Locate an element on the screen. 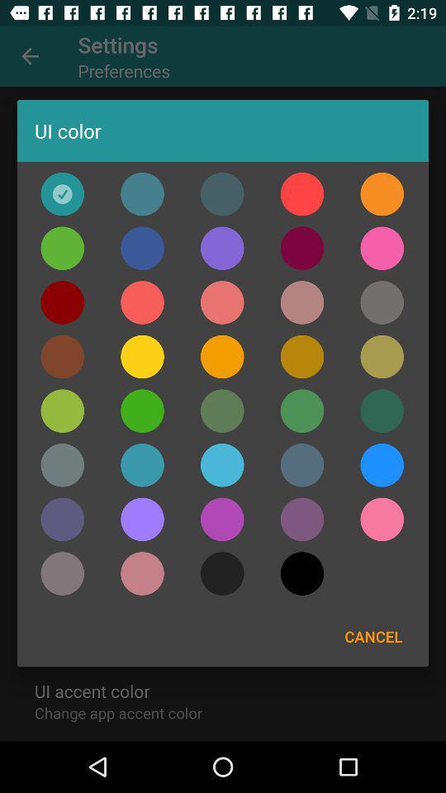  purpleish ui color is located at coordinates (142, 573).